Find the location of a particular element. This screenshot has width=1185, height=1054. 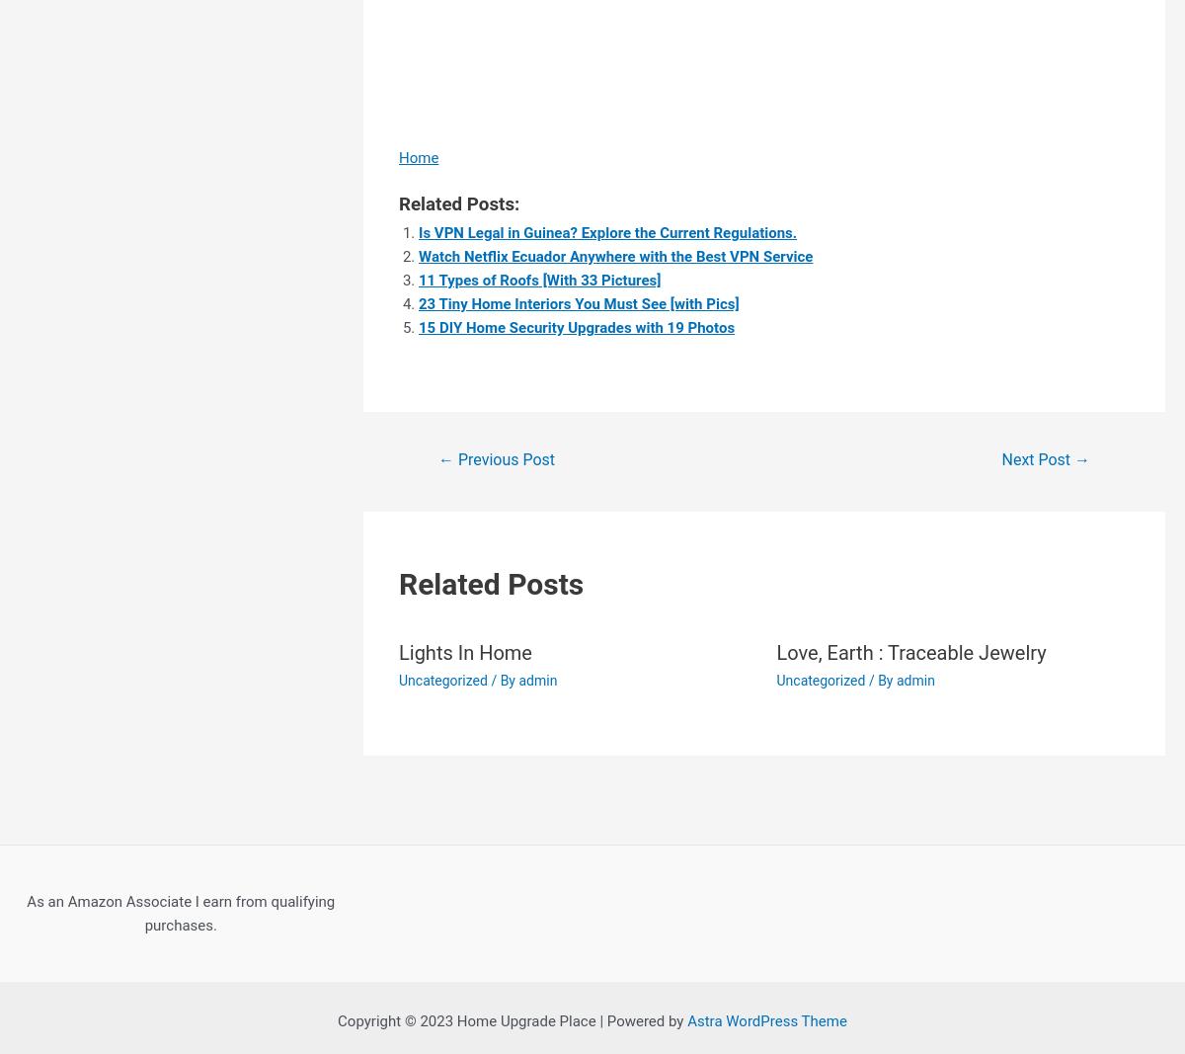

'15 DIY Home Security Upgrades with 19 Photos' is located at coordinates (418, 326).